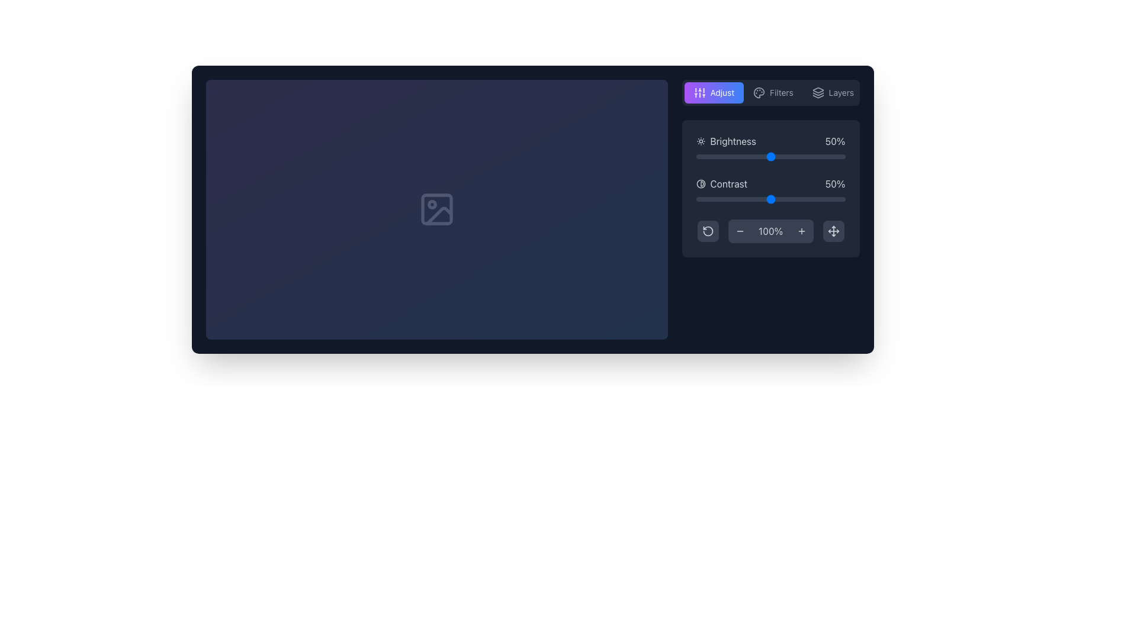 The width and height of the screenshot is (1137, 639). What do you see at coordinates (728, 198) in the screenshot?
I see `the contrast value` at bounding box center [728, 198].